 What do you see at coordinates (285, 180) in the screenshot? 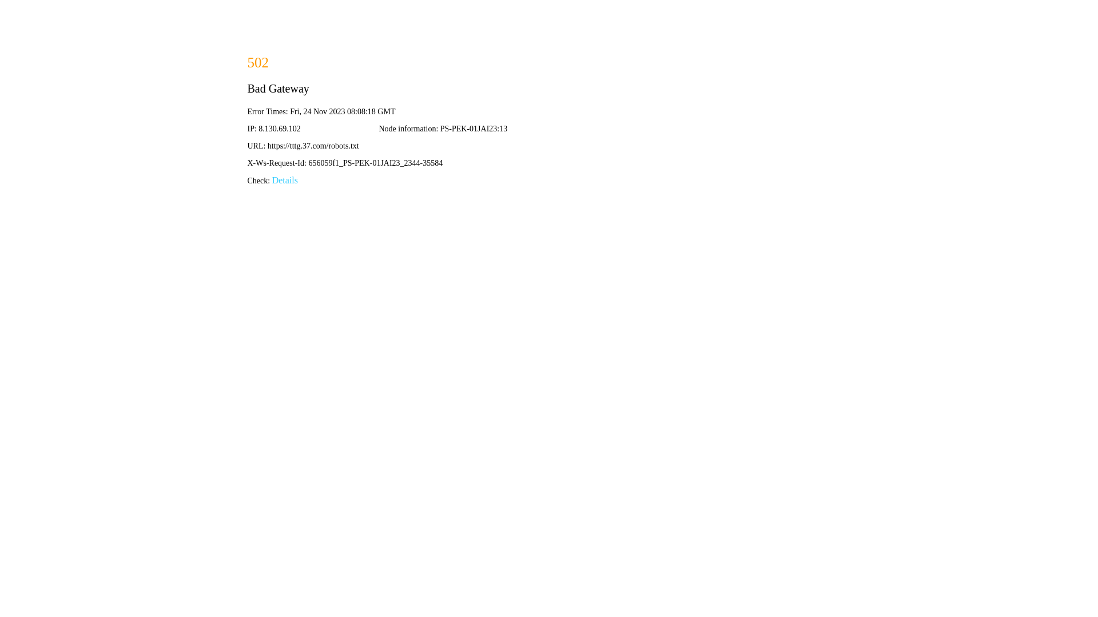
I see `'Details'` at bounding box center [285, 180].